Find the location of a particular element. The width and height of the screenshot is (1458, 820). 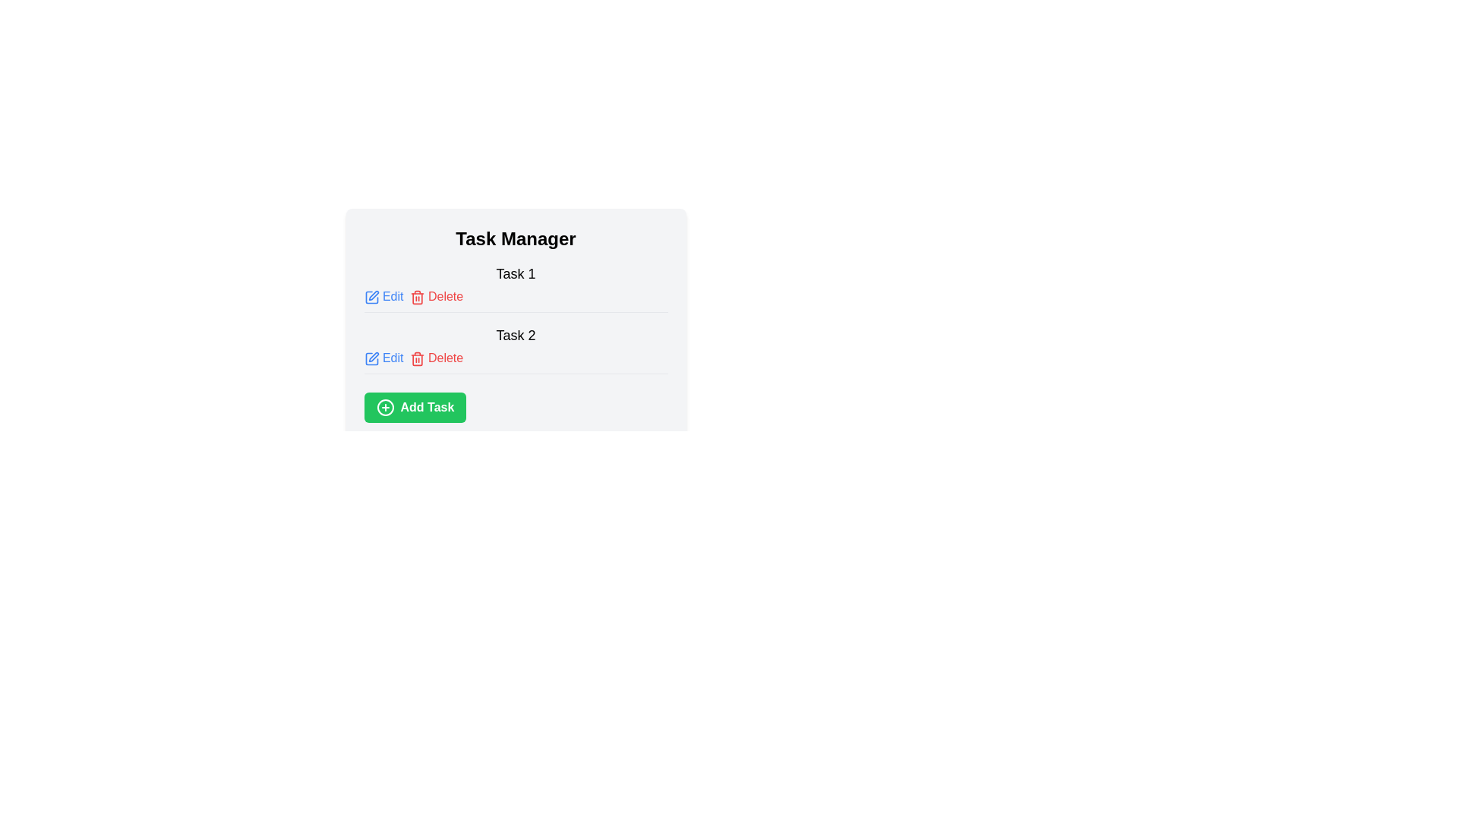

the trash bin icon, which is a vertical rectangular shape with clean borders located next to the 'Delete' labels in the Task Manager interface is located at coordinates (417, 298).